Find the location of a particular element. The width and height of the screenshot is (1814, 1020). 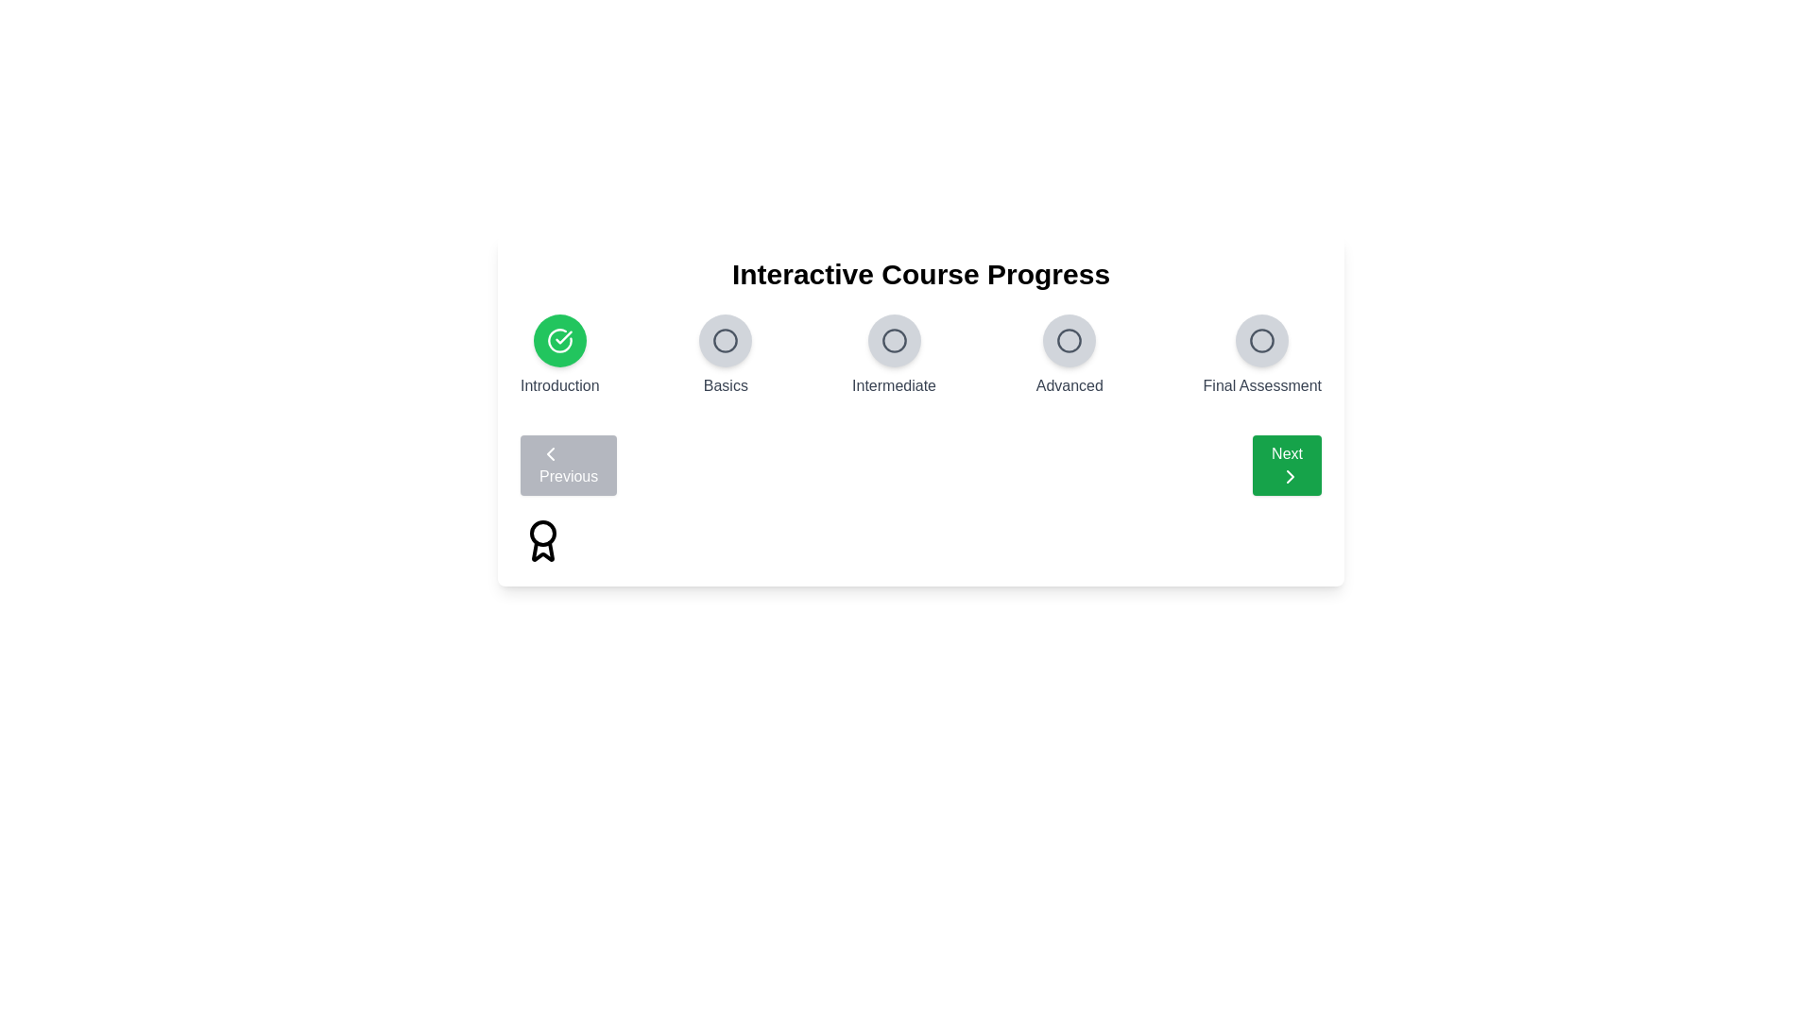

the circular Progress Indicator representing the 'Basics' step in the interactive course progress bar, located between 'Introduction' and 'Intermediate' is located at coordinates (725, 341).